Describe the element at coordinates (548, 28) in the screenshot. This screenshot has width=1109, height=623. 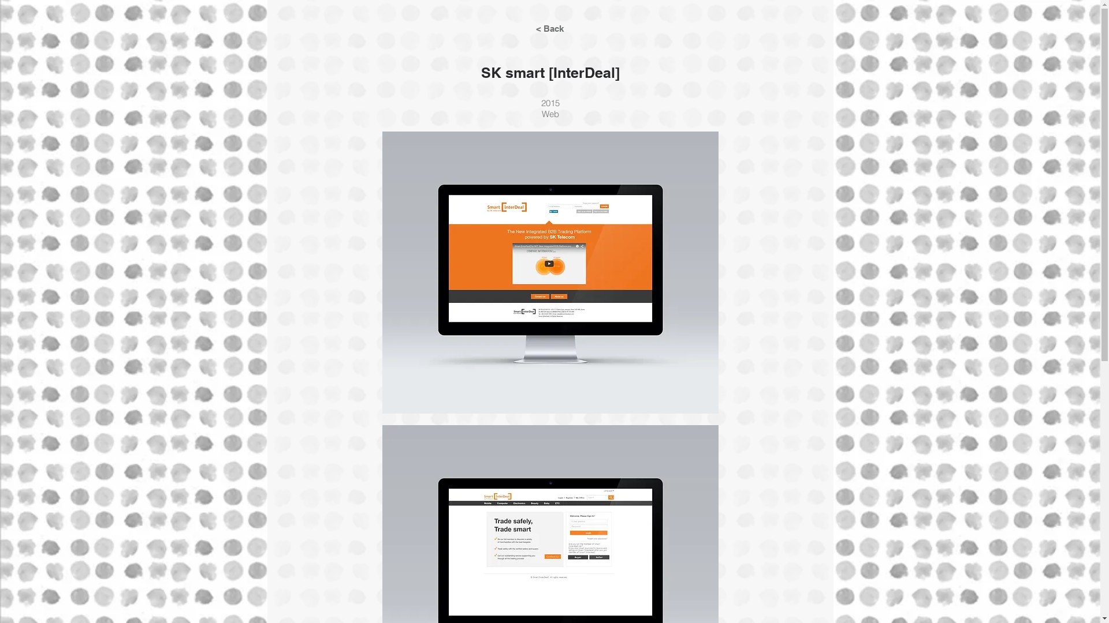
I see `'< Back'` at that location.